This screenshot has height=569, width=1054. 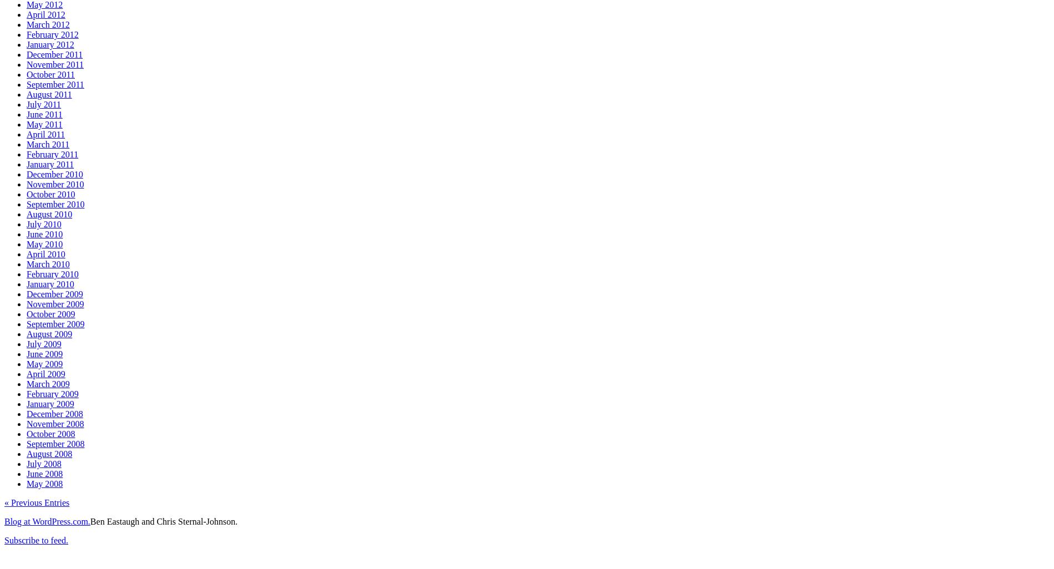 I want to click on 'Blog at WordPress.com.', so click(x=47, y=521).